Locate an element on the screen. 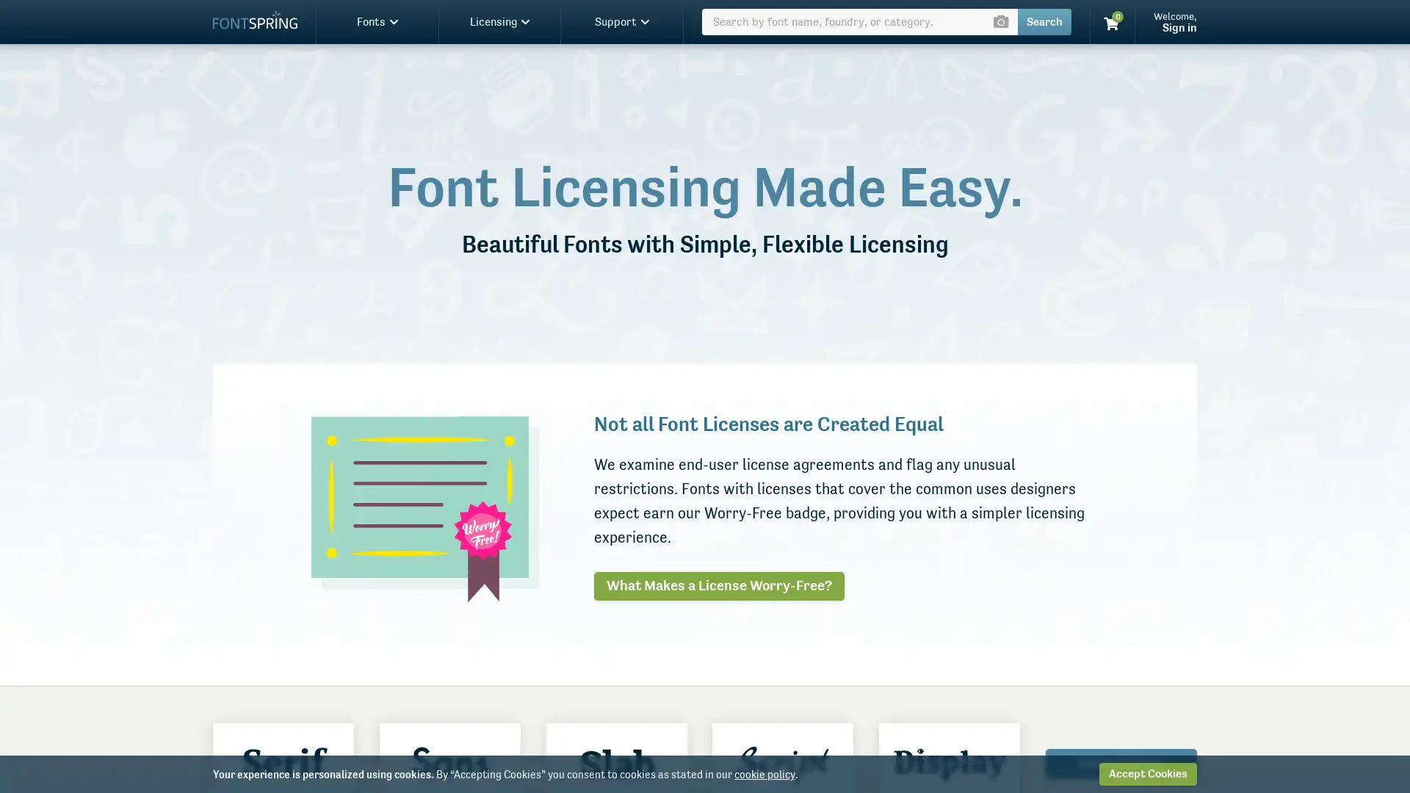 Image resolution: width=1410 pixels, height=793 pixels. Search is located at coordinates (1044, 22).